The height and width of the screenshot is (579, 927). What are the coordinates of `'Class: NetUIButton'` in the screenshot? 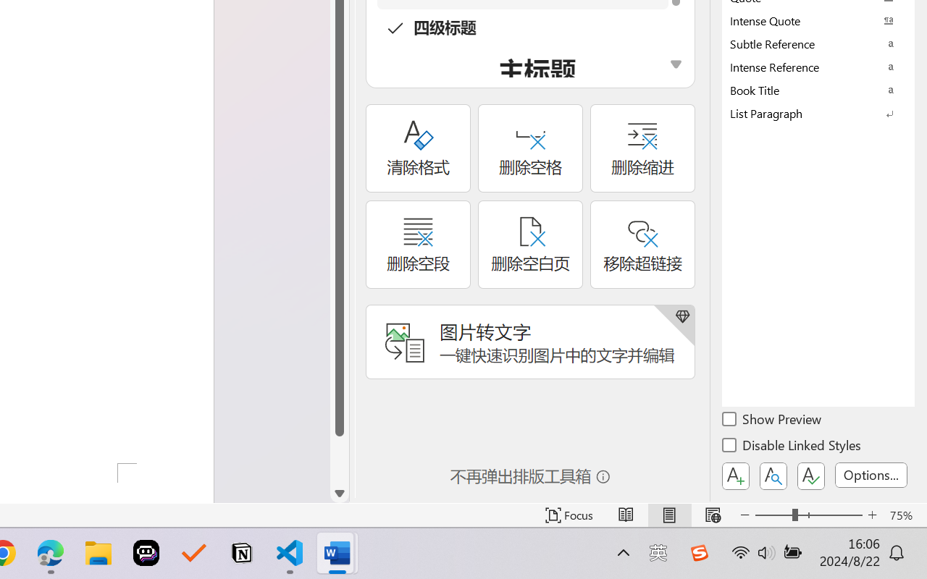 It's located at (811, 476).